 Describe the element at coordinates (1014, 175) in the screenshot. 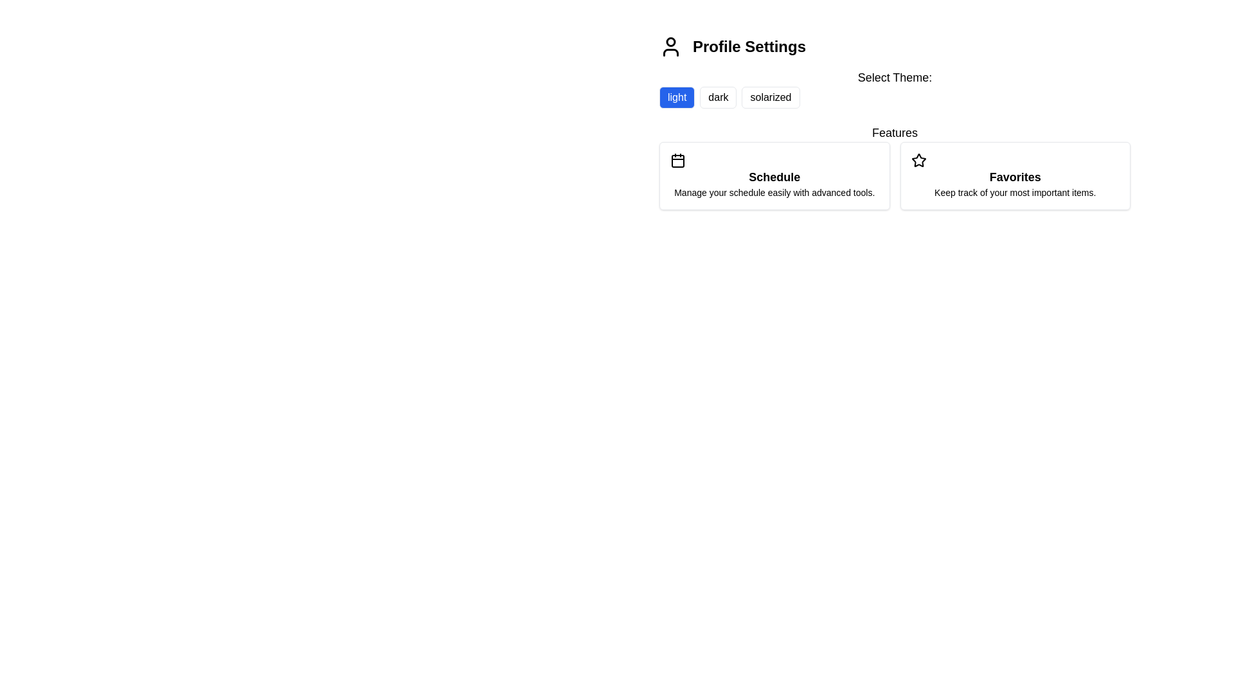

I see `the 'Favorites' informational card located in the second column of the grid layout under the 'Features' section` at that location.